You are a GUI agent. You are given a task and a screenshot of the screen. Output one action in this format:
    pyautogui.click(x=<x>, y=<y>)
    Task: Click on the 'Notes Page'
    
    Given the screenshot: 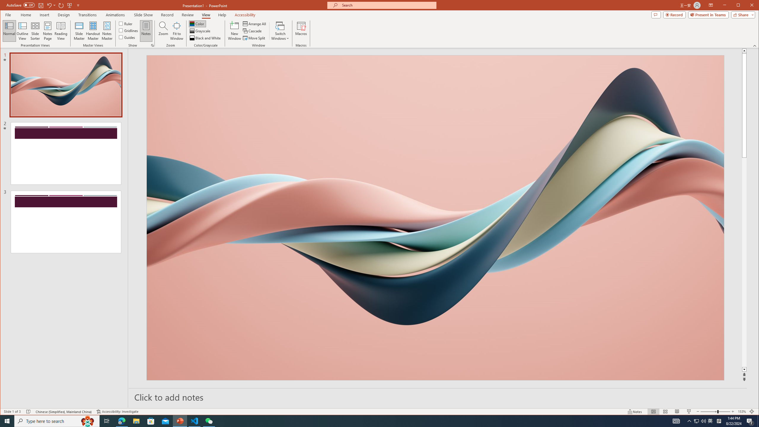 What is the action you would take?
    pyautogui.click(x=47, y=31)
    